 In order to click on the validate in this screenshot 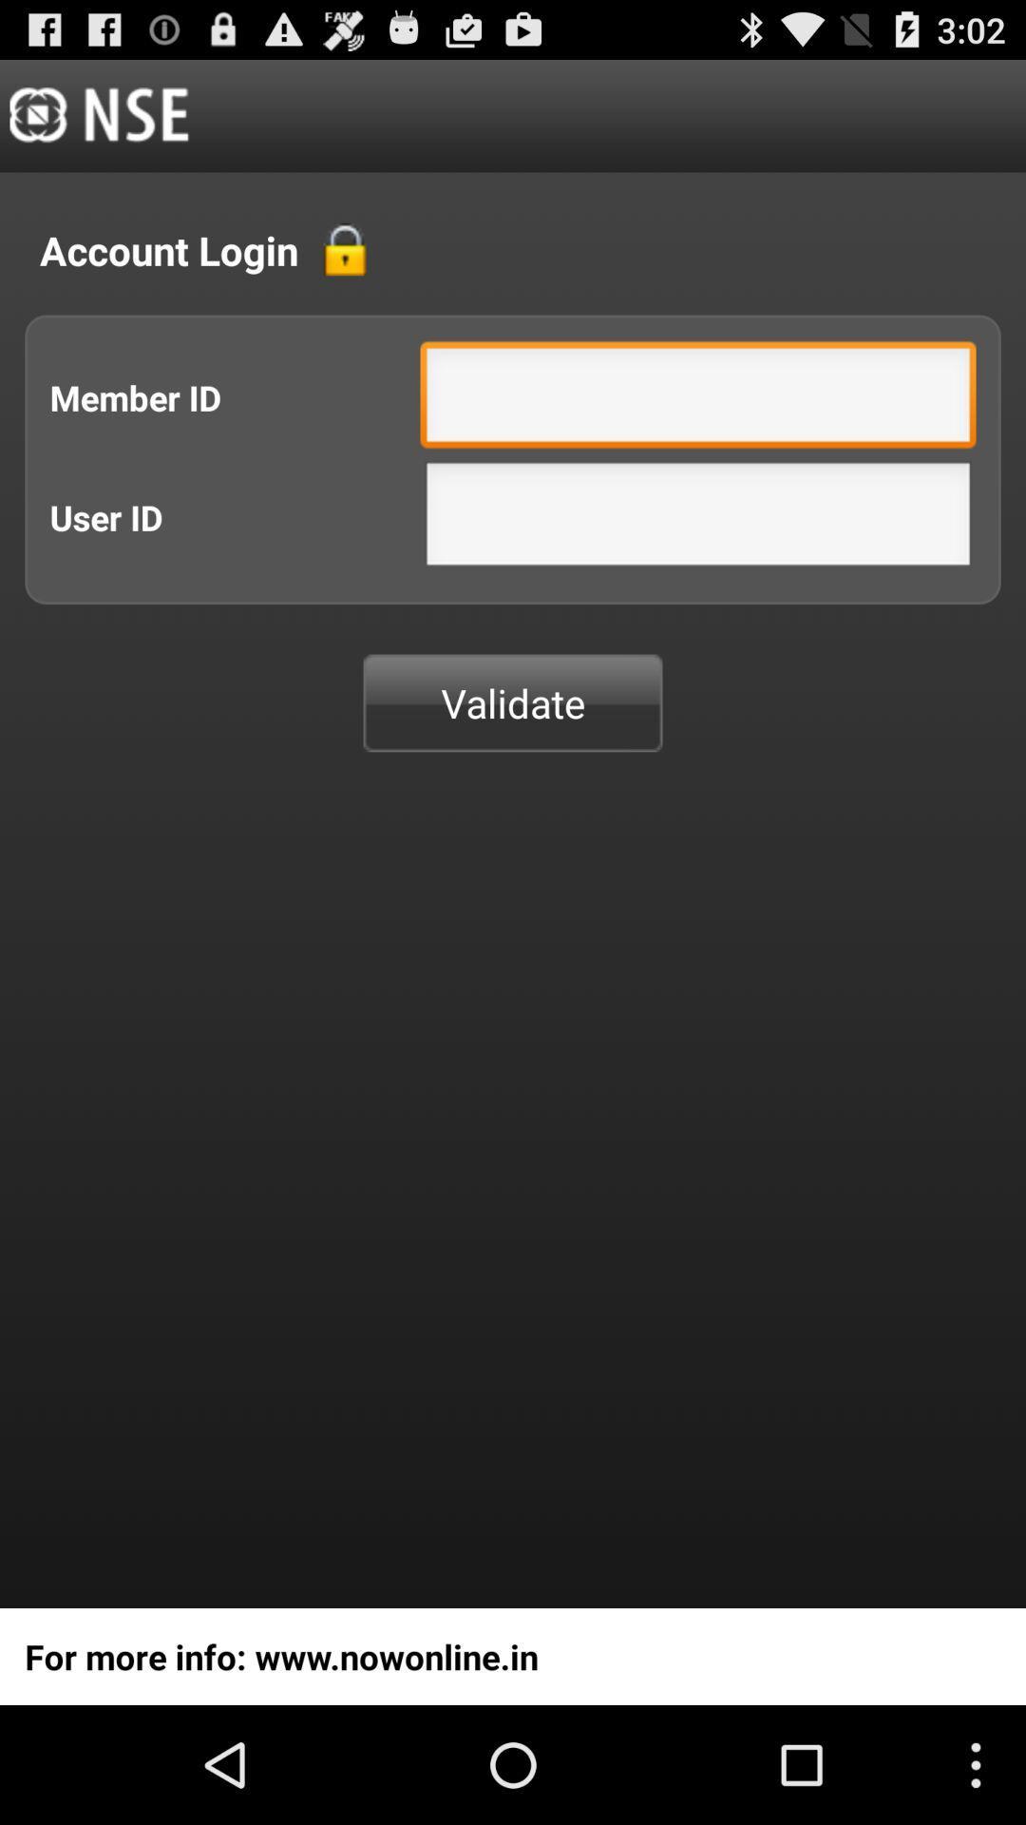, I will do `click(513, 701)`.